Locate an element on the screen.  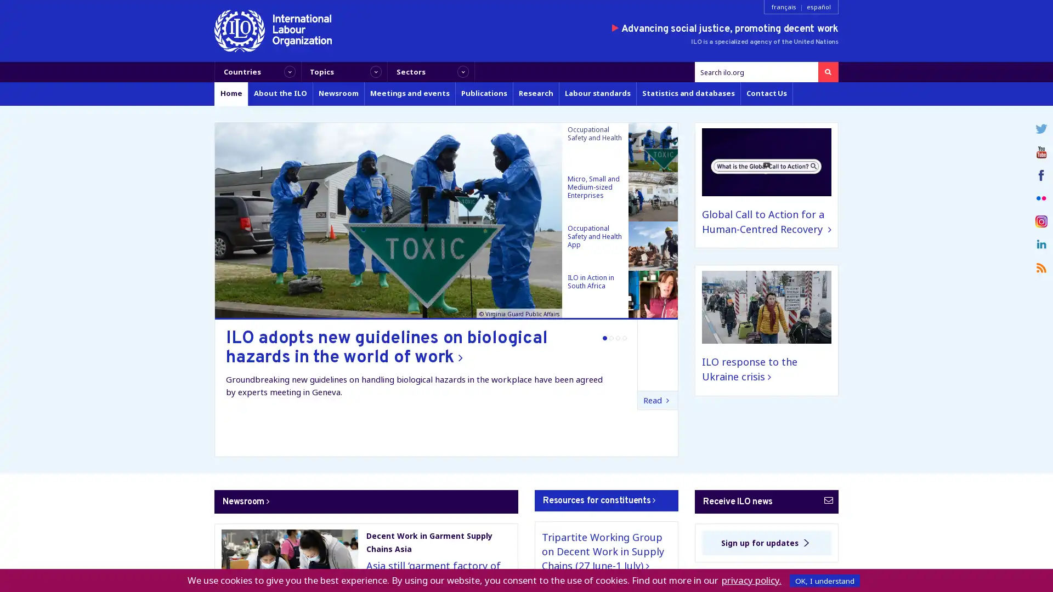
OK, I understand is located at coordinates (824, 580).